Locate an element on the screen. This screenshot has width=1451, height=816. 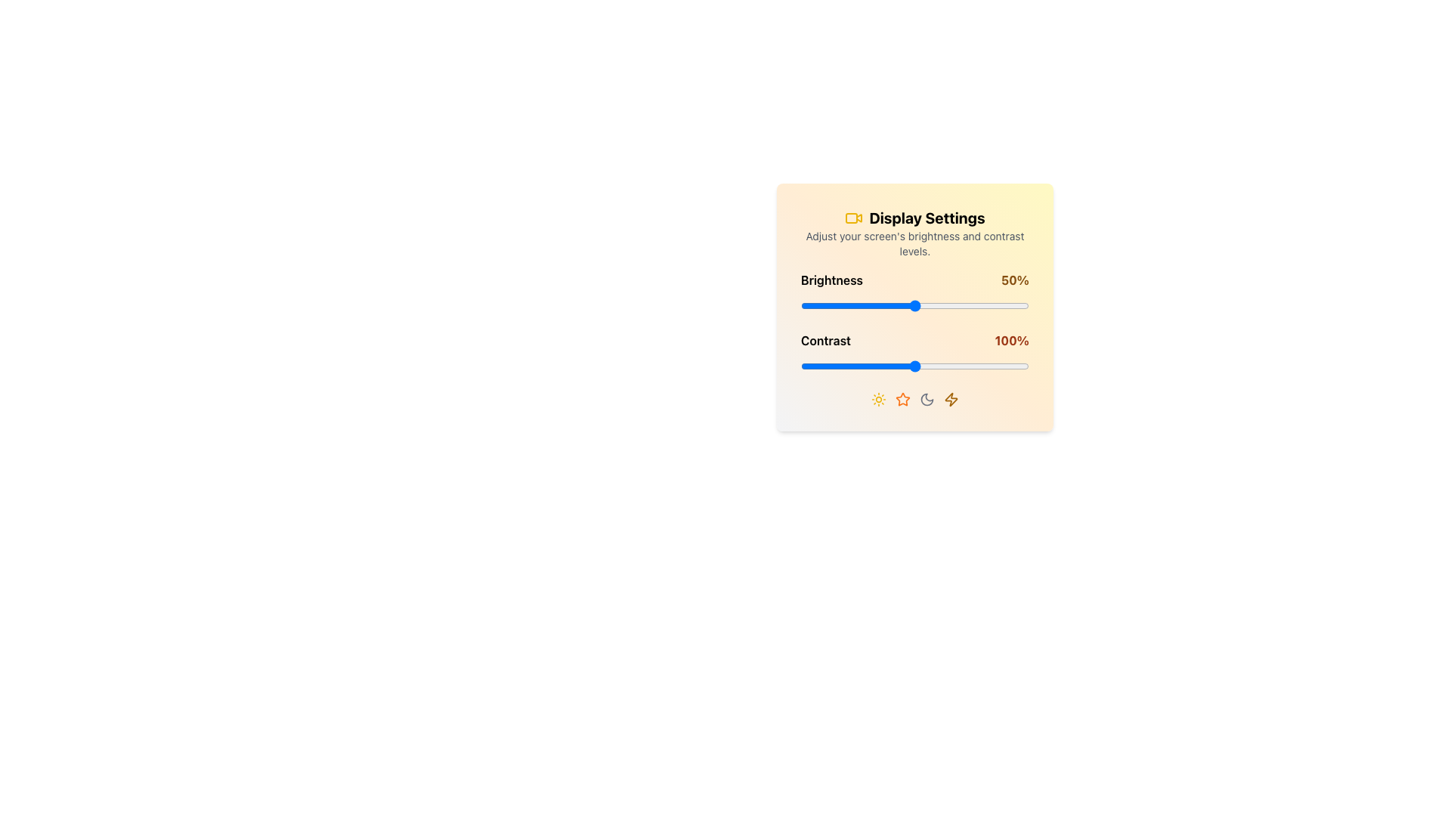
brightness is located at coordinates (849, 306).